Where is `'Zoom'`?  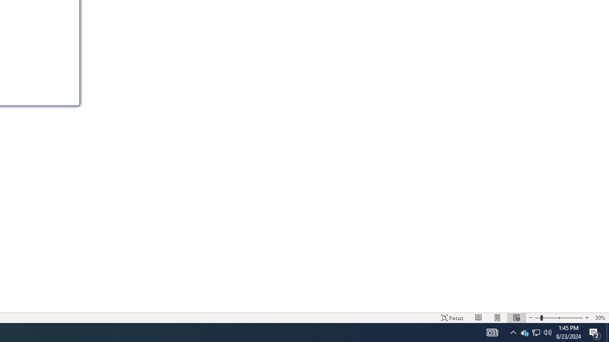
'Zoom' is located at coordinates (559, 318).